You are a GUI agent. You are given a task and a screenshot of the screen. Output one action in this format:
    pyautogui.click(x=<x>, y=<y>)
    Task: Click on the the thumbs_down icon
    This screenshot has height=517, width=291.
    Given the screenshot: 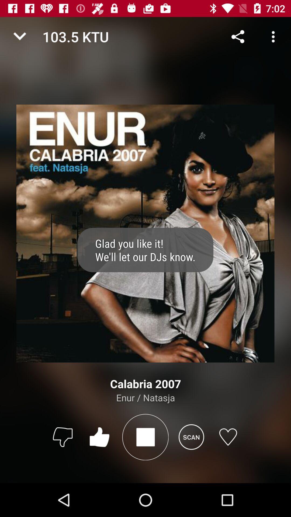 What is the action you would take?
    pyautogui.click(x=62, y=437)
    